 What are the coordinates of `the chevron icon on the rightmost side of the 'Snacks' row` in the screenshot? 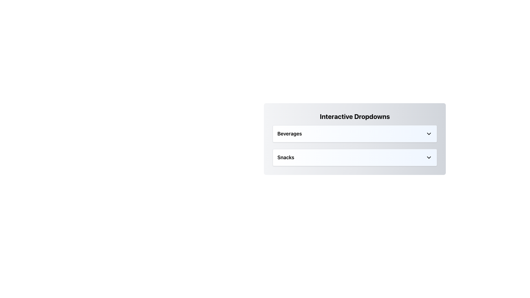 It's located at (429, 157).